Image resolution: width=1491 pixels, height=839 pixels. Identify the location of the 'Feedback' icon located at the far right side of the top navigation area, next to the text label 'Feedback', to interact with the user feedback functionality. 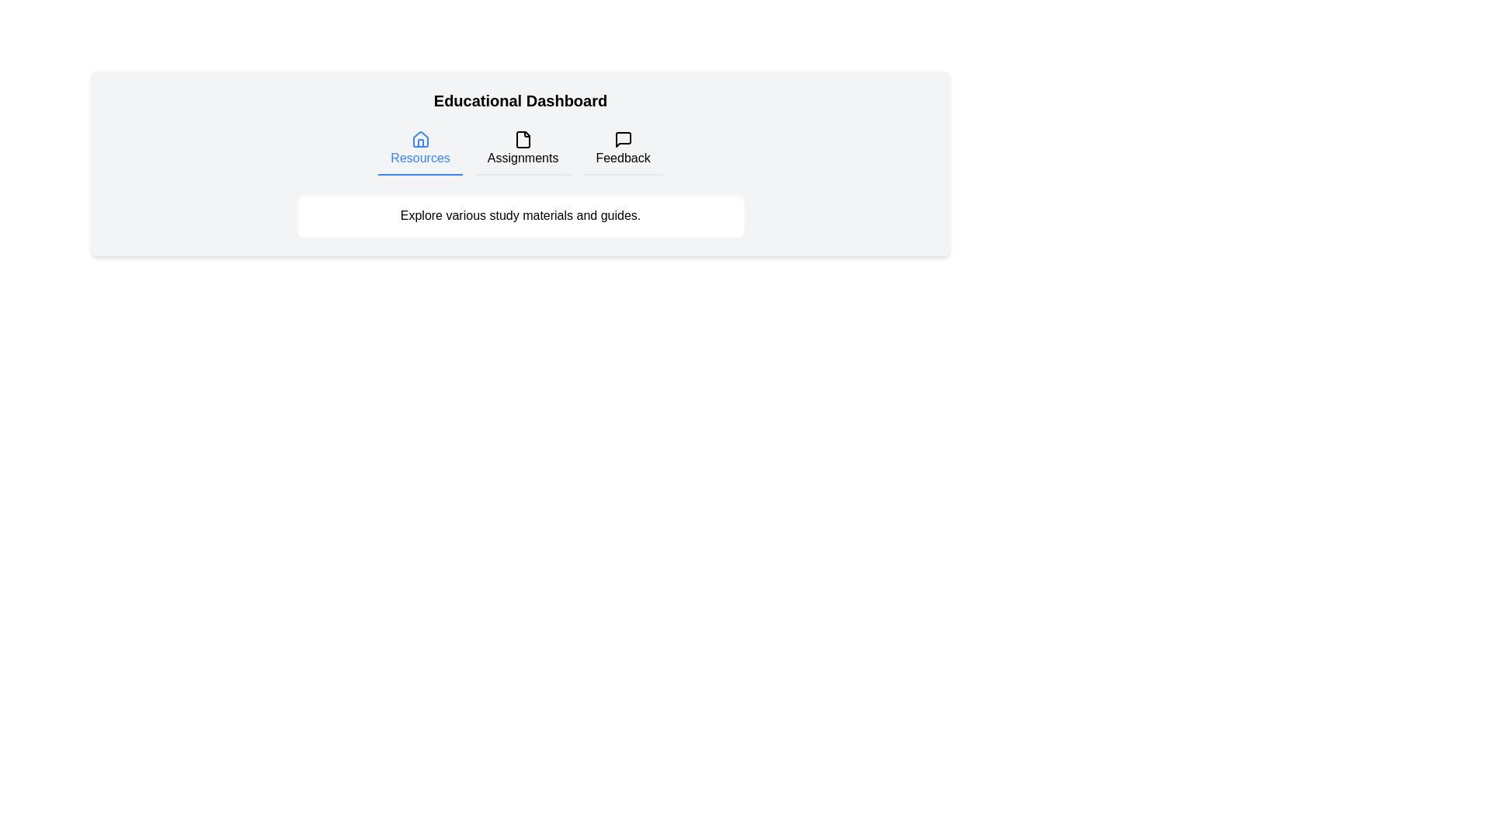
(623, 140).